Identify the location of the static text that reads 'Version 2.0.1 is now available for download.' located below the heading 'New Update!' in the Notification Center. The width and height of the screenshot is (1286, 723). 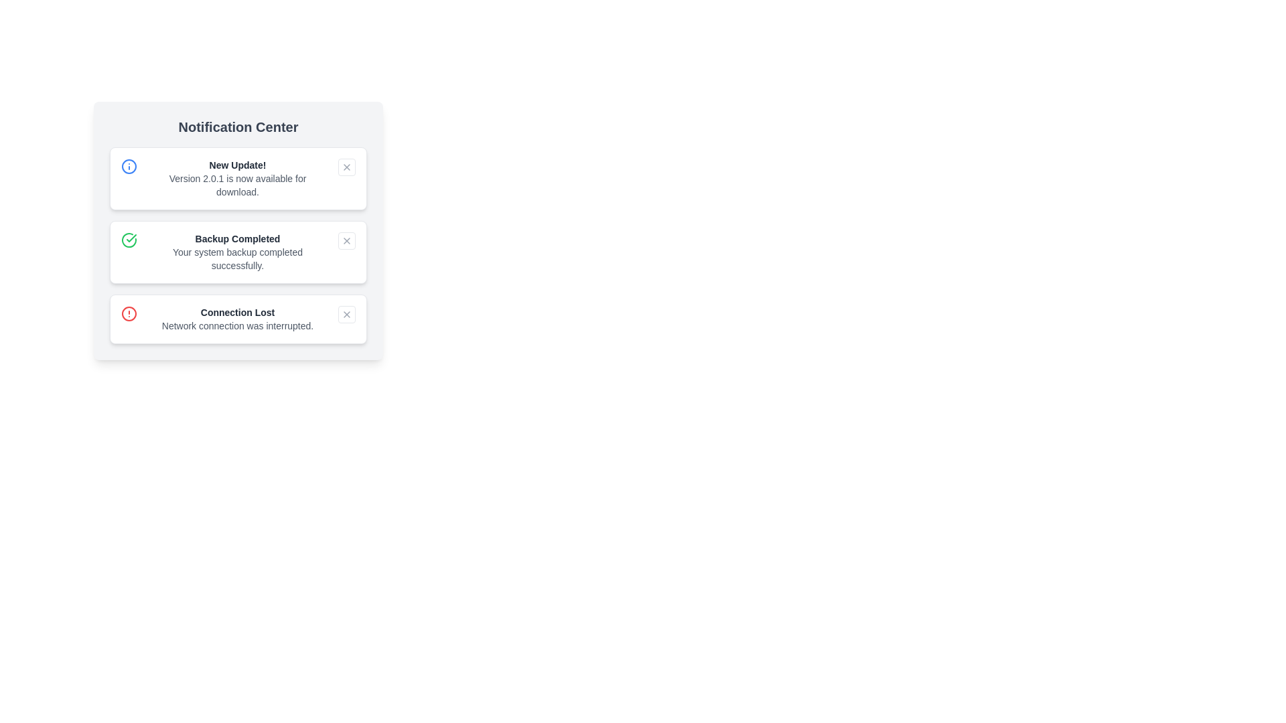
(238, 185).